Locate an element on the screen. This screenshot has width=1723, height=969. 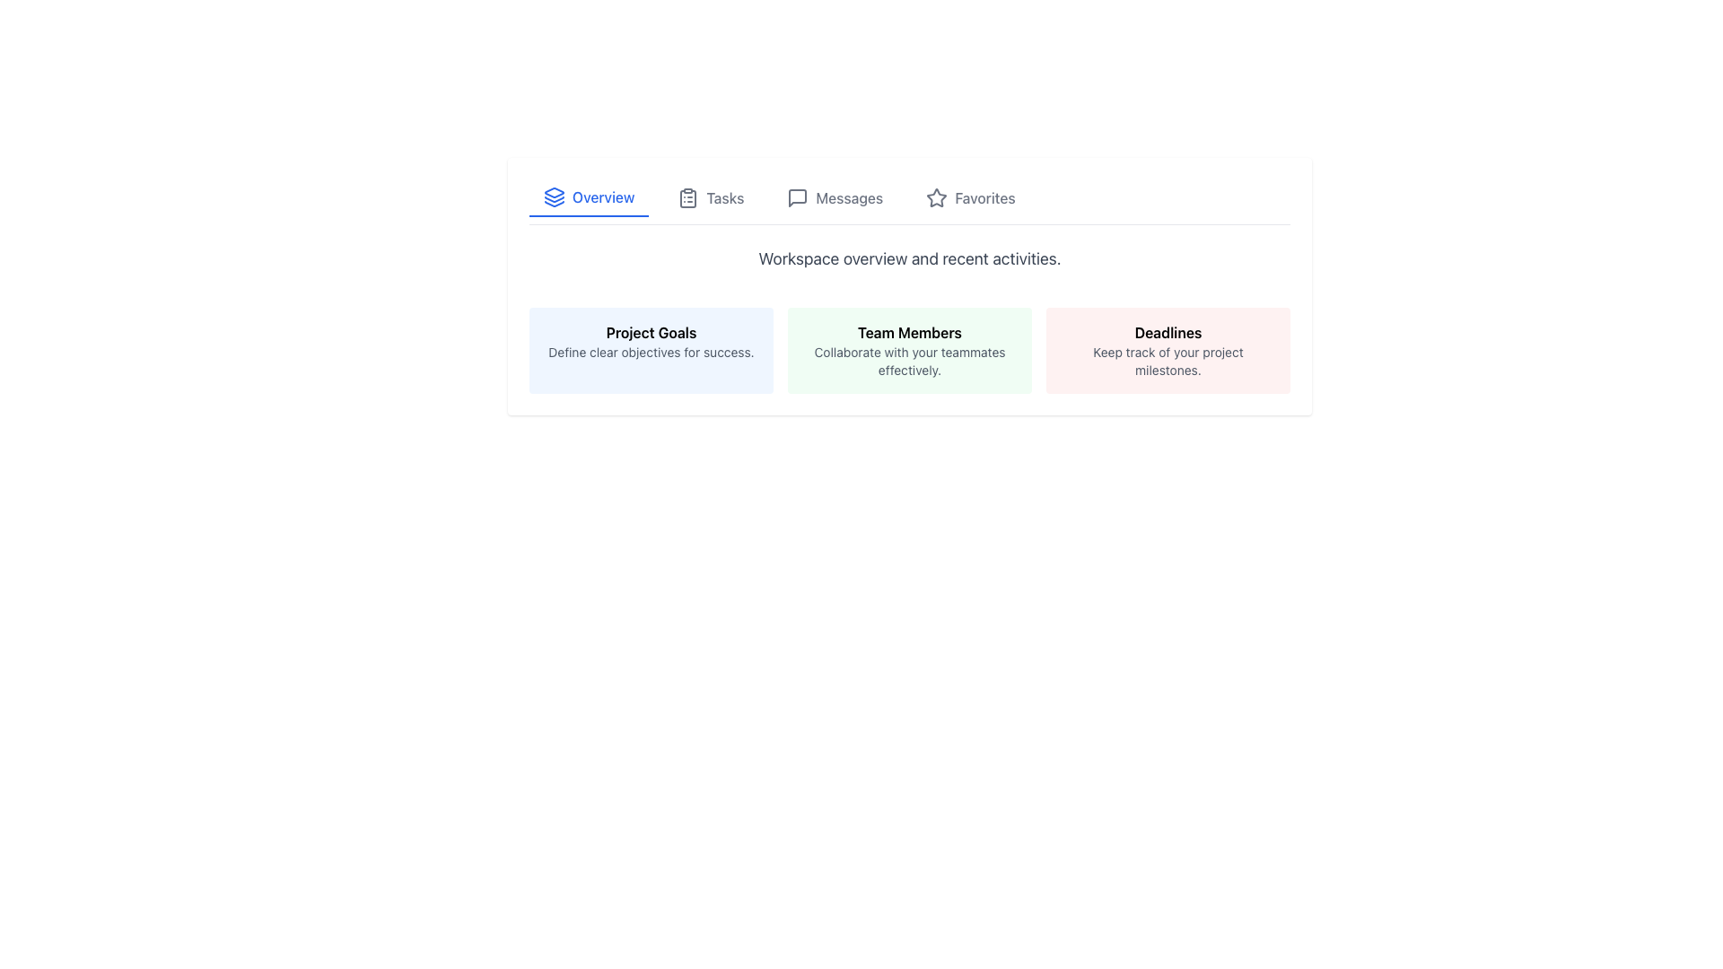
the 'Project Goals' informational card, which is the leftmost module in a row of three, positioned between 'Overview' and 'Team Members' is located at coordinates (650, 350).